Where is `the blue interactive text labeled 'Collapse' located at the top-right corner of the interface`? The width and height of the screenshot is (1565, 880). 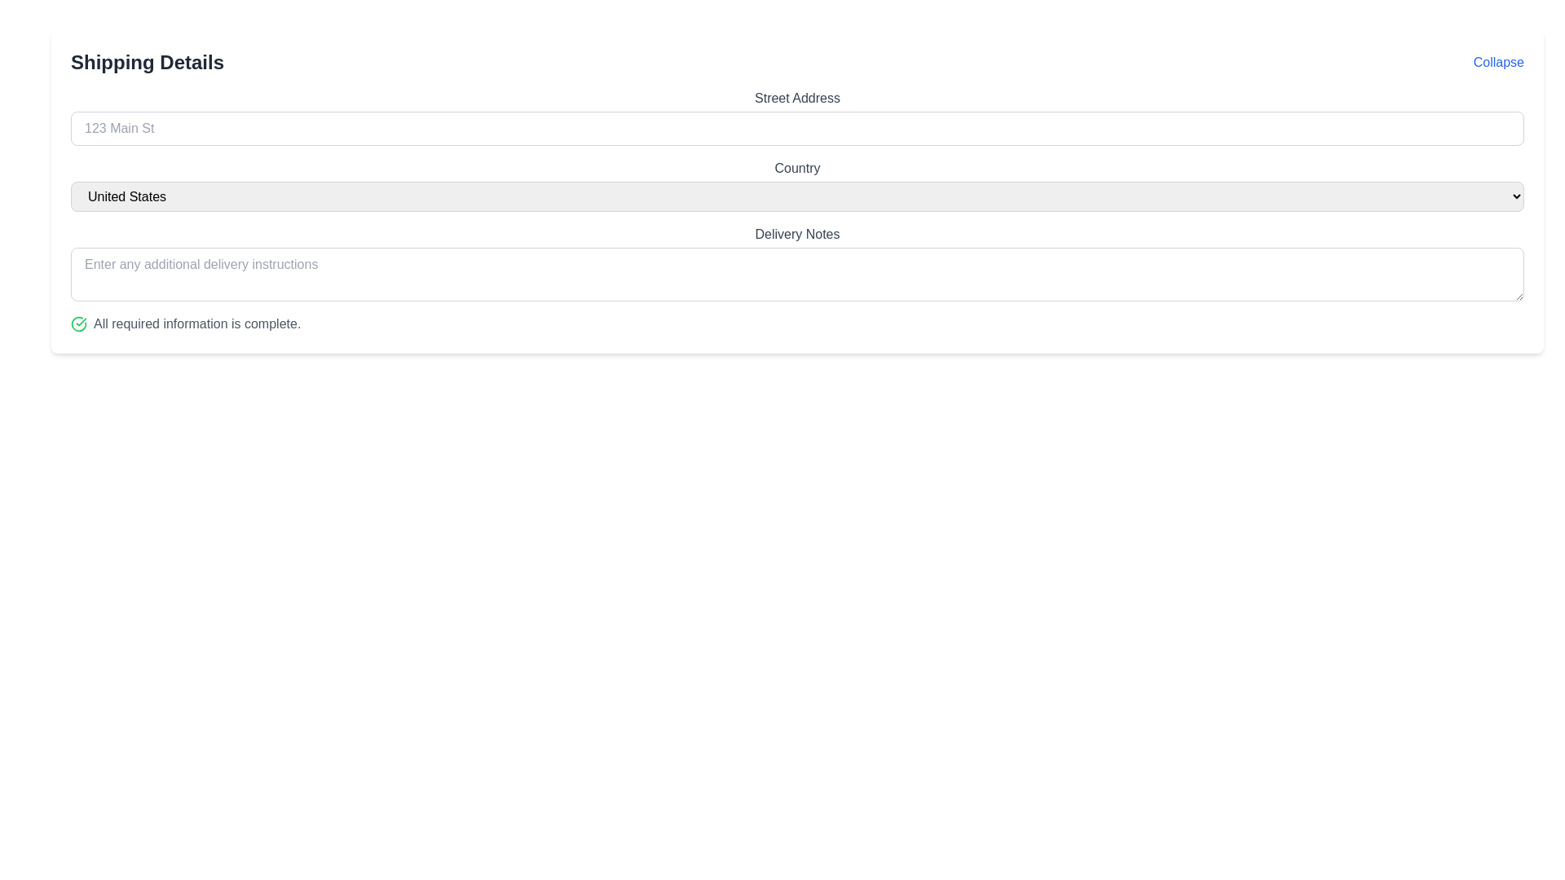 the blue interactive text labeled 'Collapse' located at the top-right corner of the interface is located at coordinates (1498, 62).